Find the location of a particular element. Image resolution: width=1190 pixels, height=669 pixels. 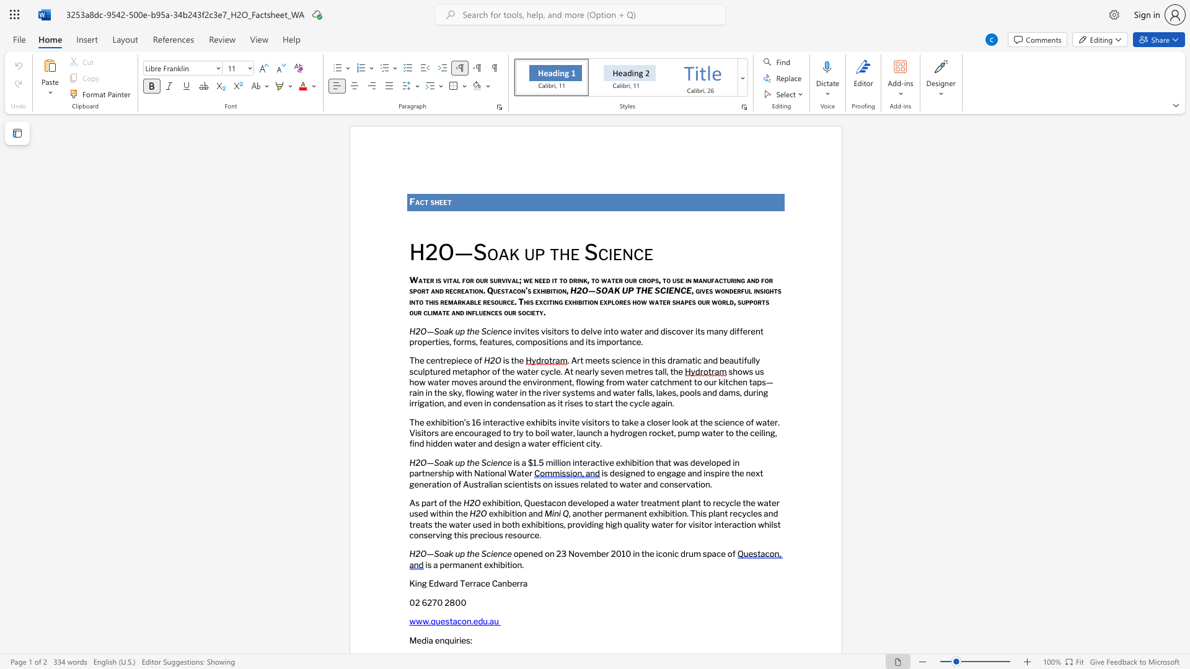

the subset text "s to start the cycle a" within the text "rain in the sky, flowing water in the river systems and water falls, lakes, pools and dams, during irrigation, and even in condensation as it rises to start the cycle again." is located at coordinates (578, 403).